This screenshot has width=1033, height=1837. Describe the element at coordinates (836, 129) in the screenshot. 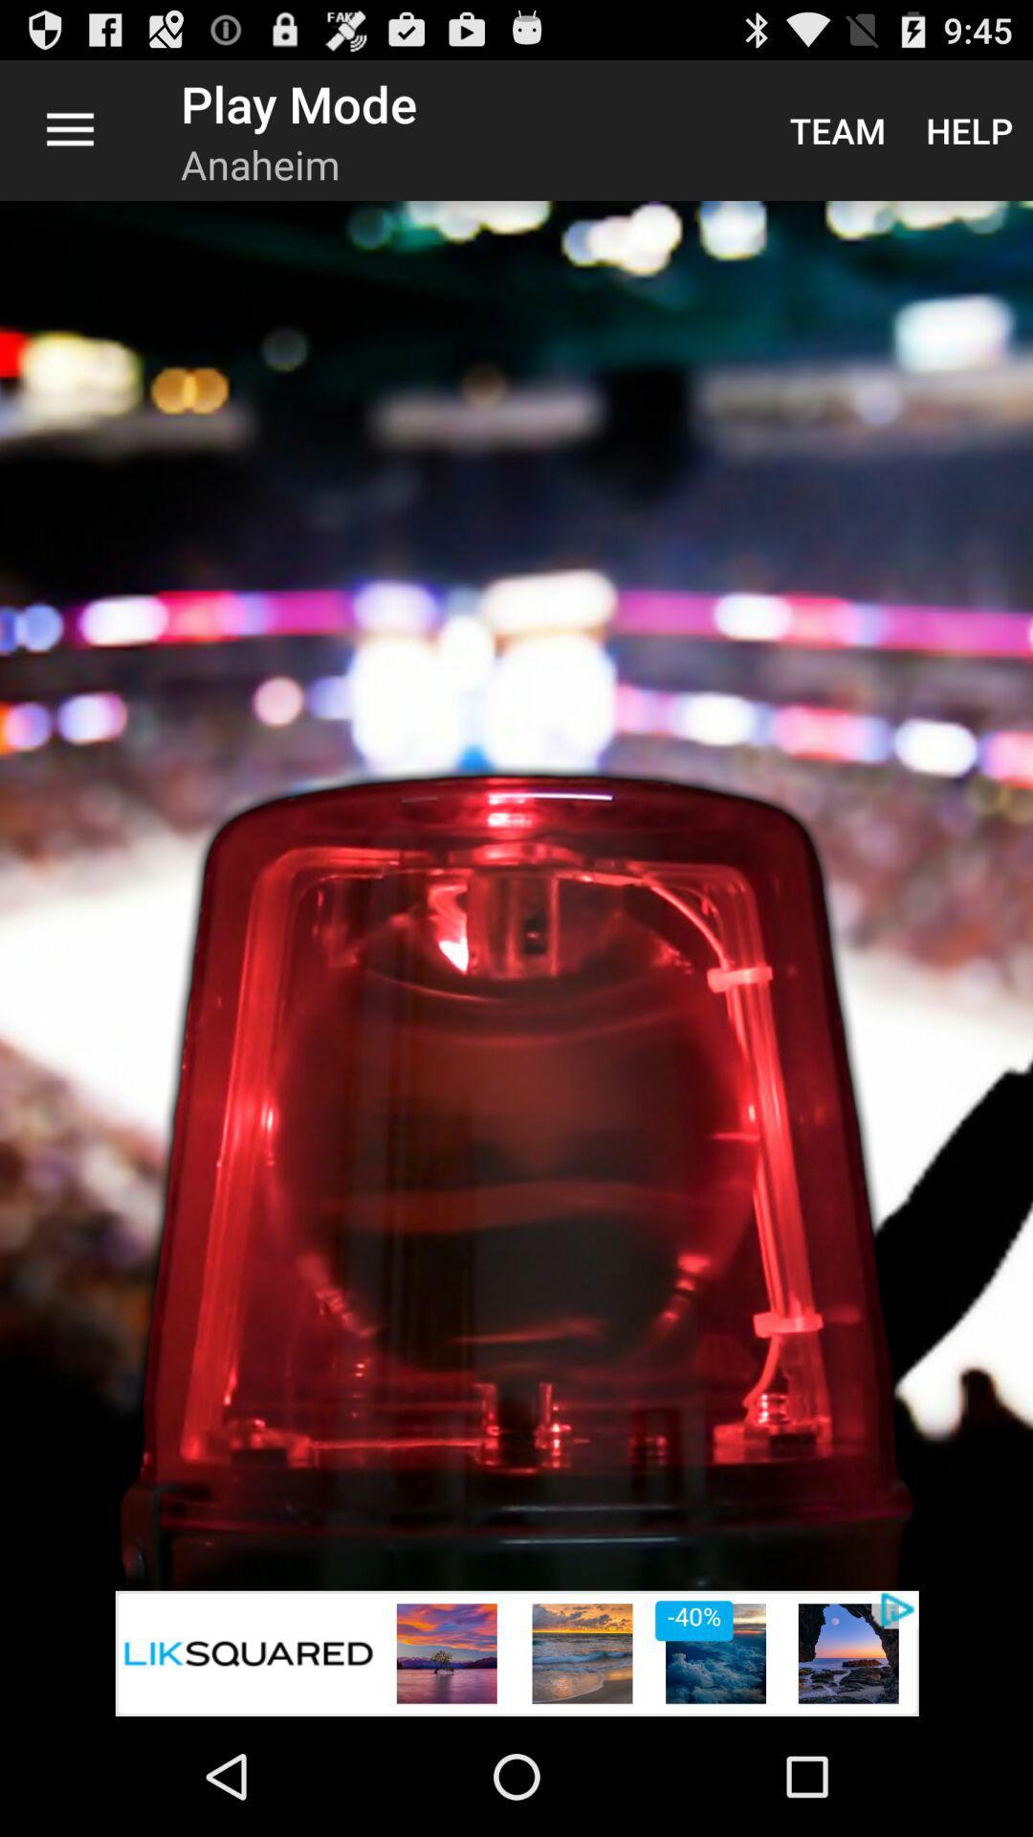

I see `team item` at that location.